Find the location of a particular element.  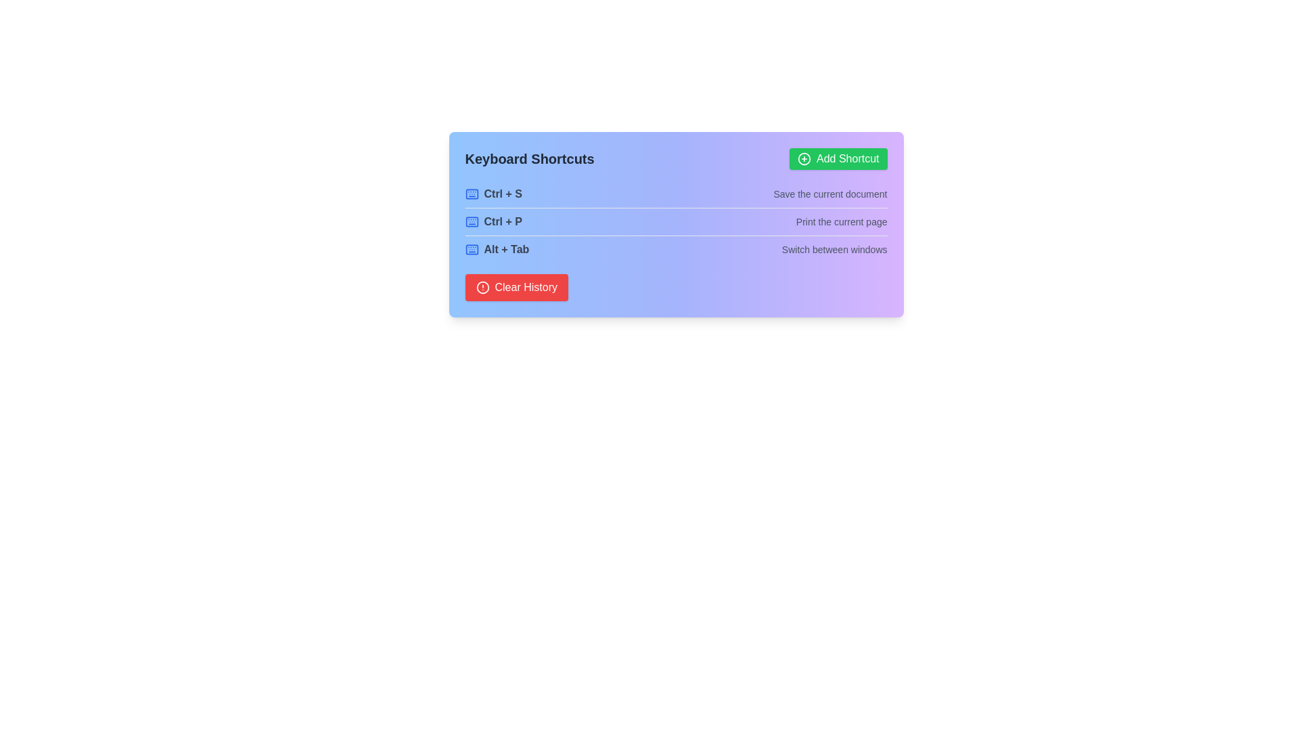

the Text Label that serves as a title or heading for managing keyboard shortcuts, positioned to the left of the 'Add Shortcut' button is located at coordinates (529, 158).